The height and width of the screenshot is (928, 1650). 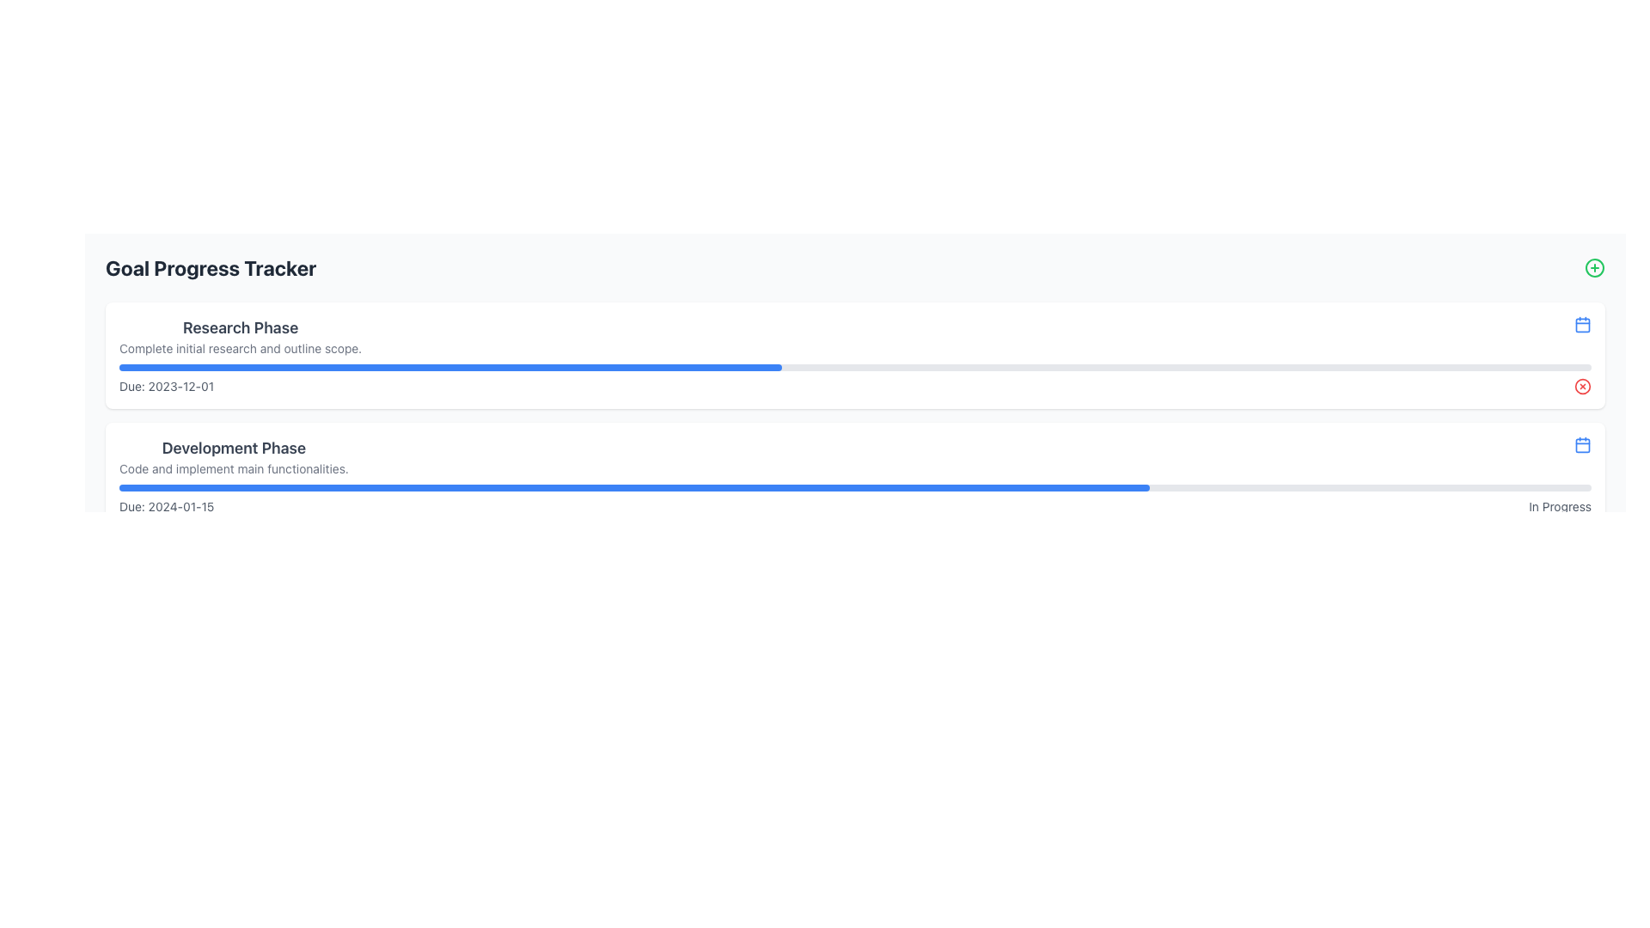 I want to click on the deadline information text displayed below the 'Research Phase' heading, so click(x=167, y=387).